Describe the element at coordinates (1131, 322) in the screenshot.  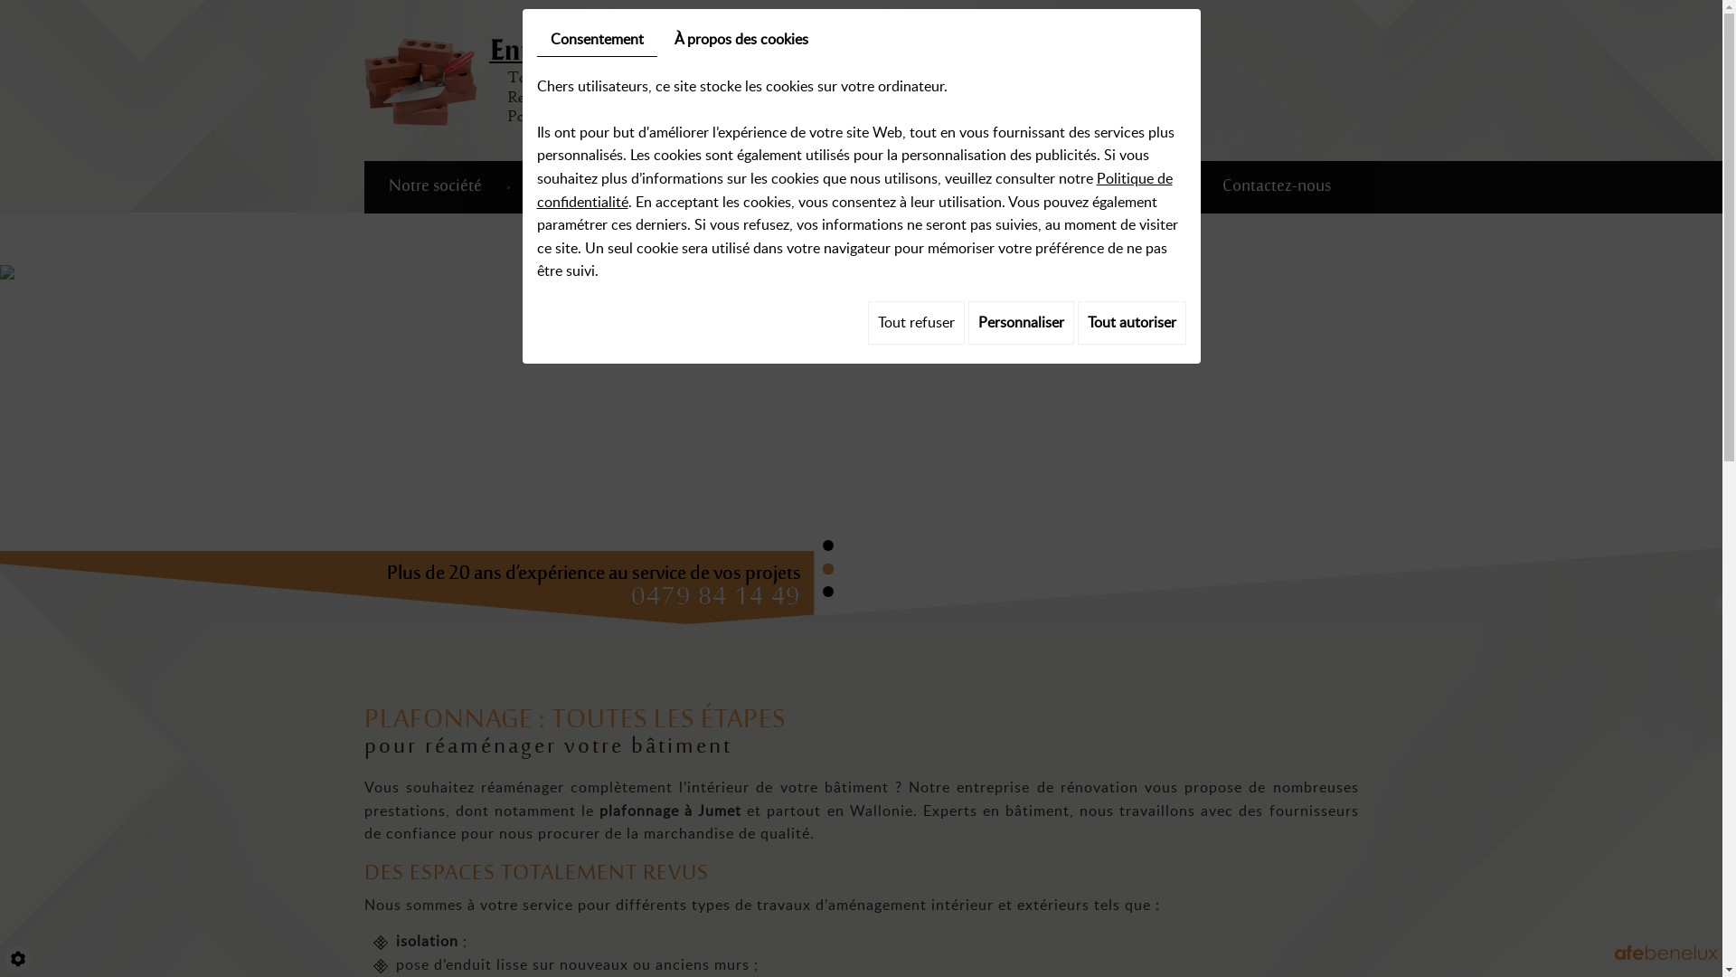
I see `'Tout autoriser'` at that location.